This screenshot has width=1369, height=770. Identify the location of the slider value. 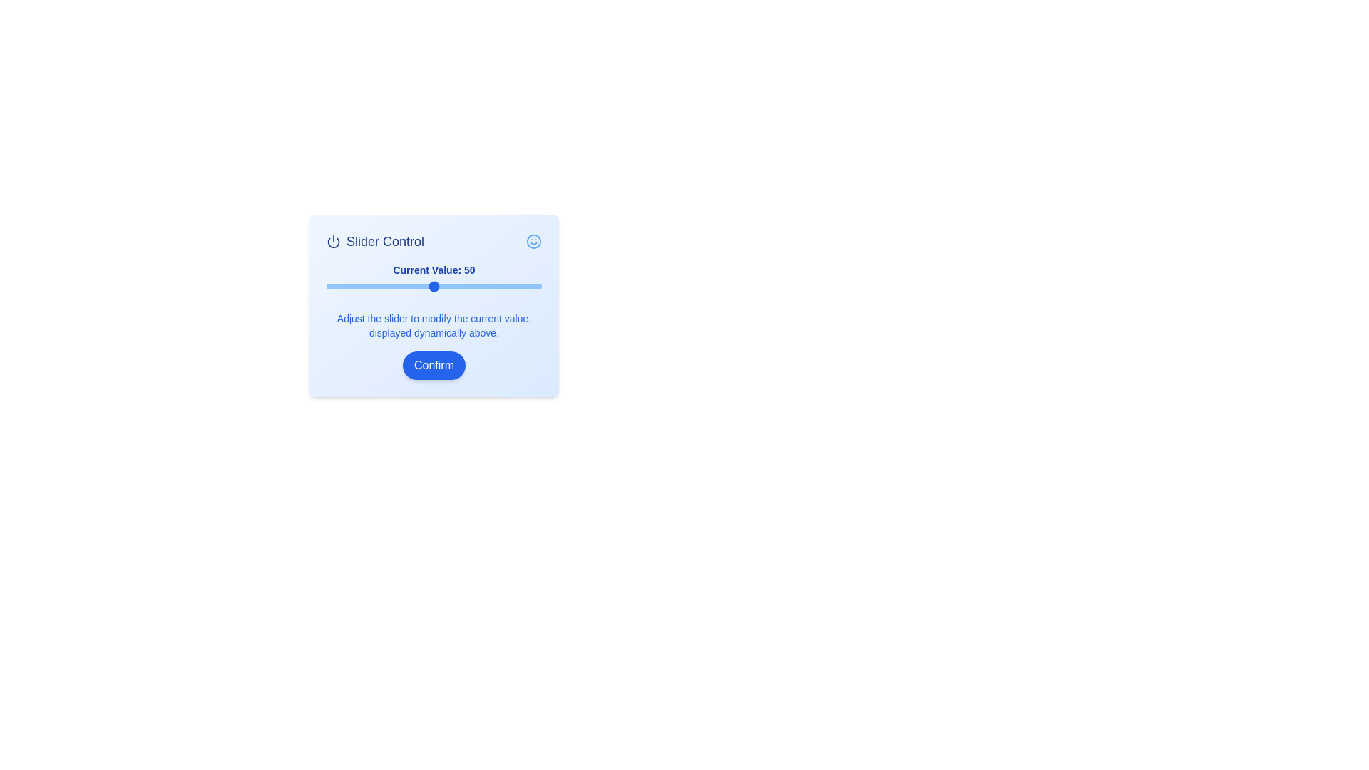
(496, 286).